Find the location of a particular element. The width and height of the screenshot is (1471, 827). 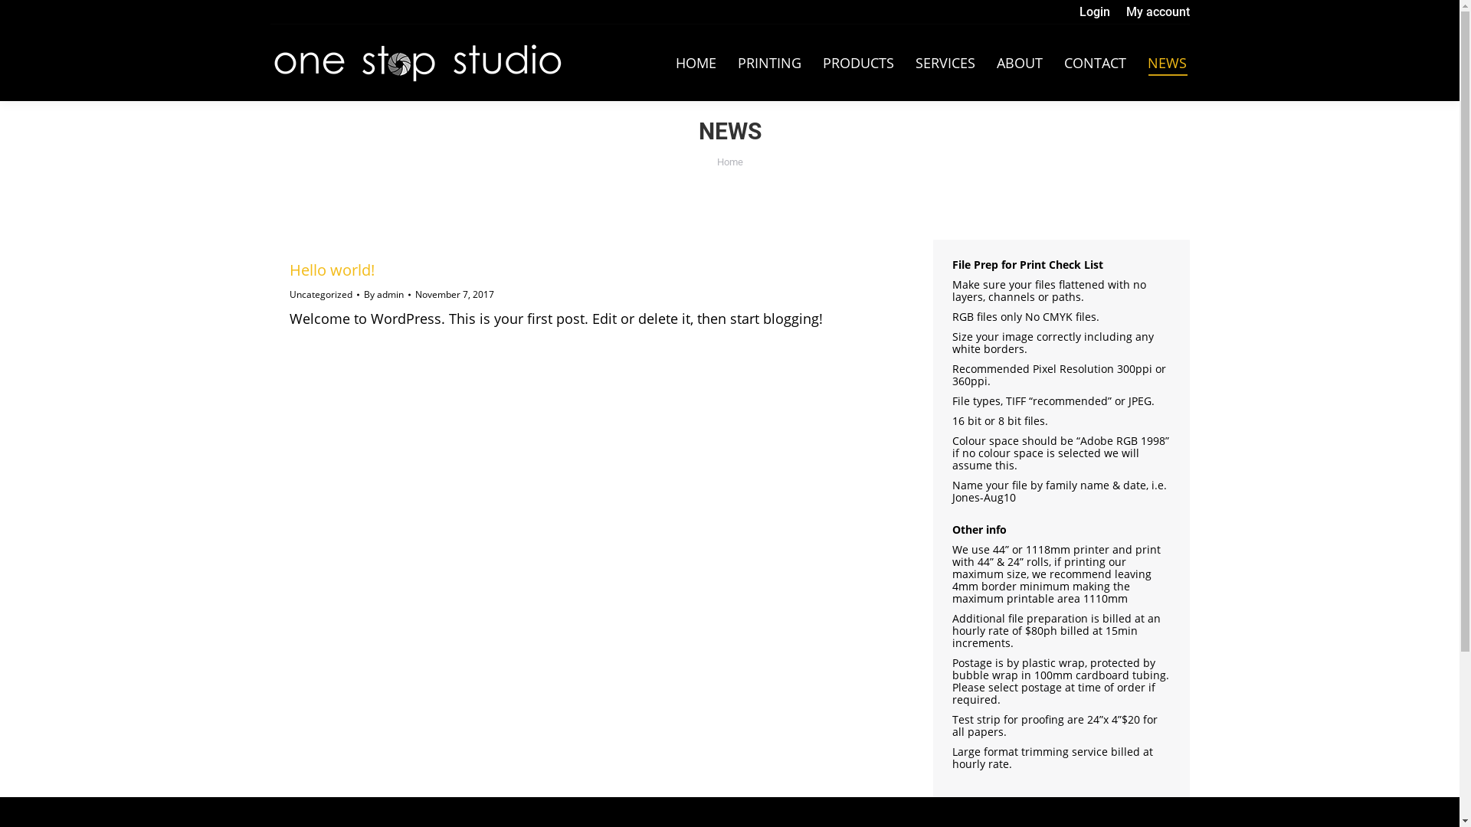

'ABOUT' is located at coordinates (1018, 61).